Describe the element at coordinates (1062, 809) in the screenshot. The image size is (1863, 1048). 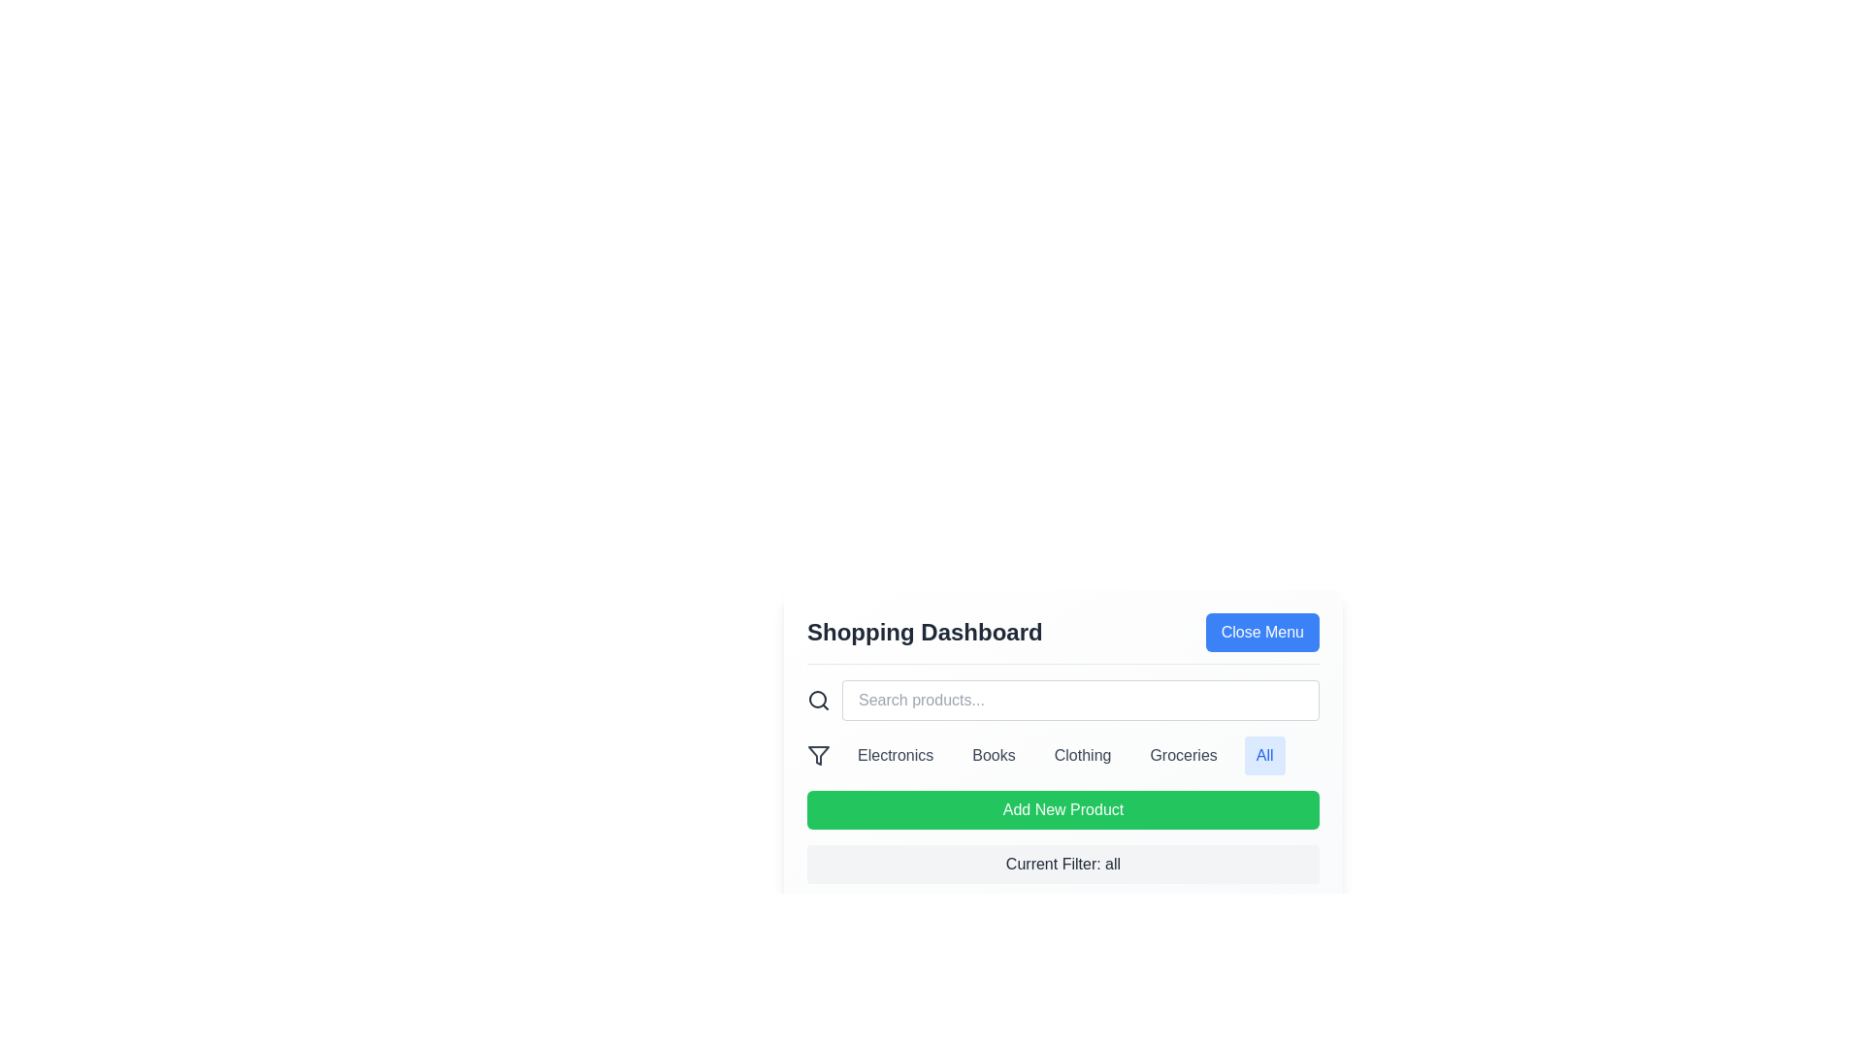
I see `the green button labeled 'Add New Product' located below the category buttons to initiate adding a new product` at that location.